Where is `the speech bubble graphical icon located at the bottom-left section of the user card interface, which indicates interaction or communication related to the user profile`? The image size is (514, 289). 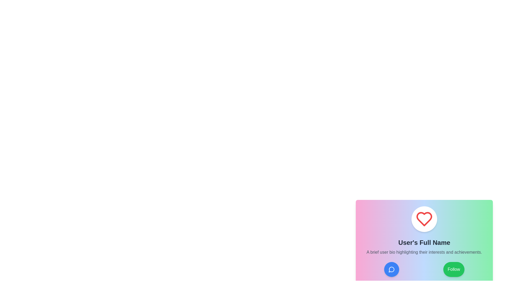
the speech bubble graphical icon located at the bottom-left section of the user card interface, which indicates interaction or communication related to the user profile is located at coordinates (391, 269).